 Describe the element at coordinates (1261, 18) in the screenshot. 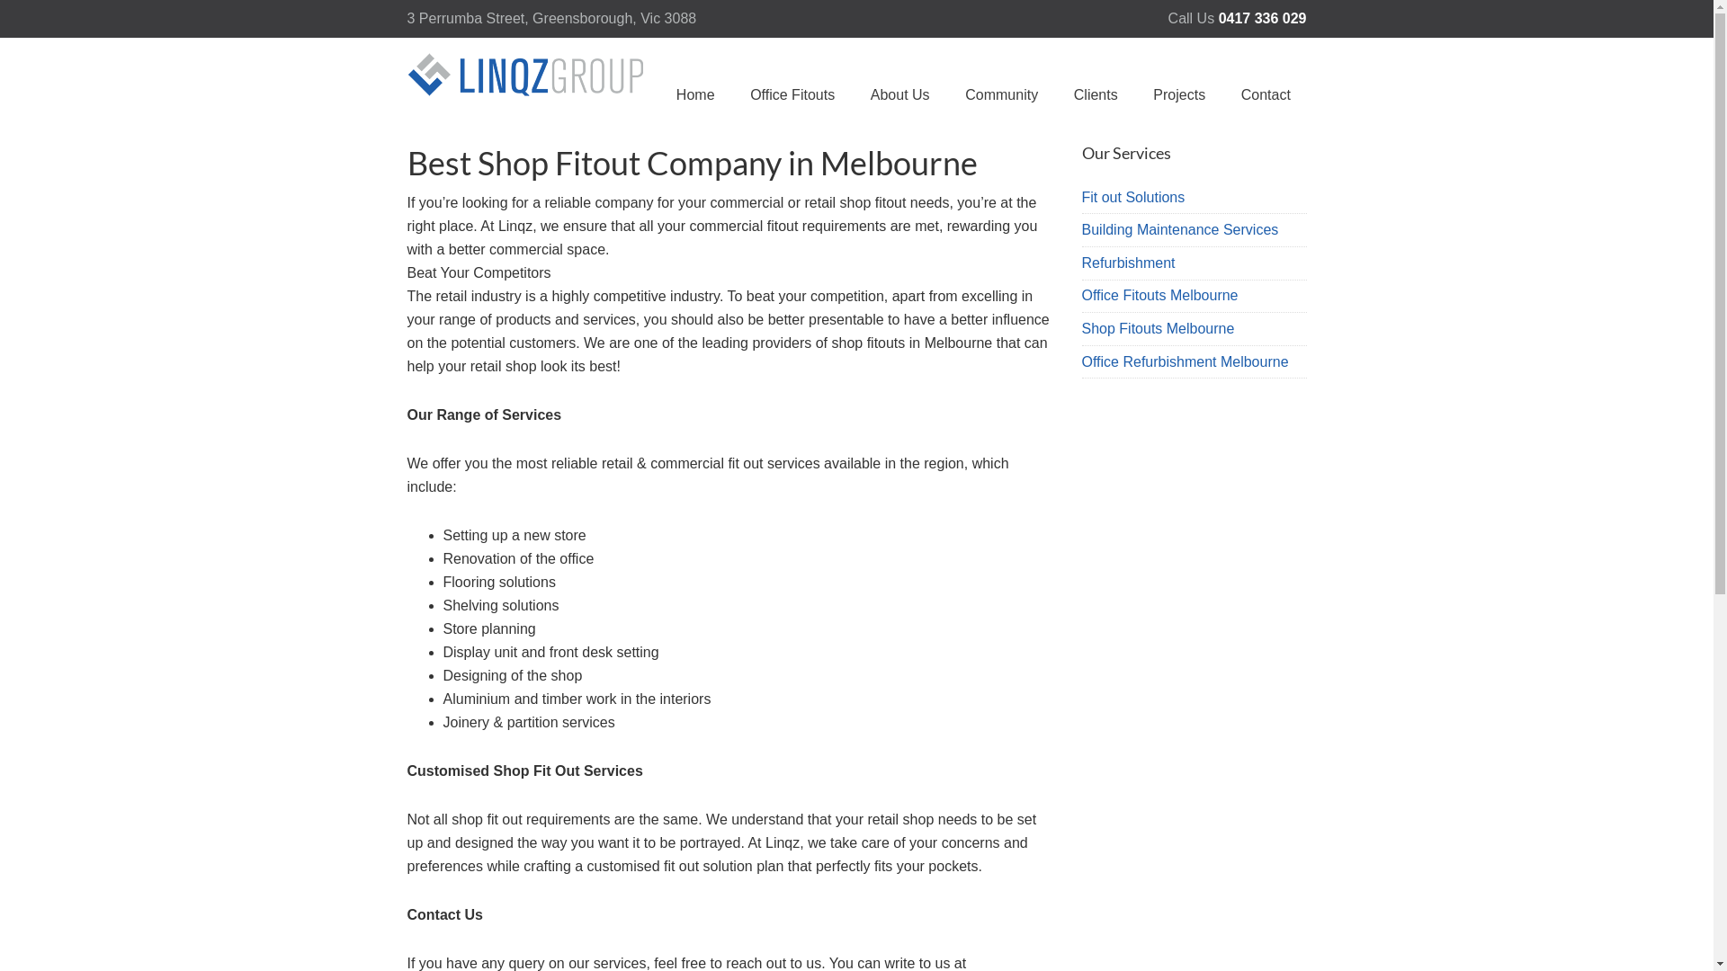

I see `'0417 336 029'` at that location.